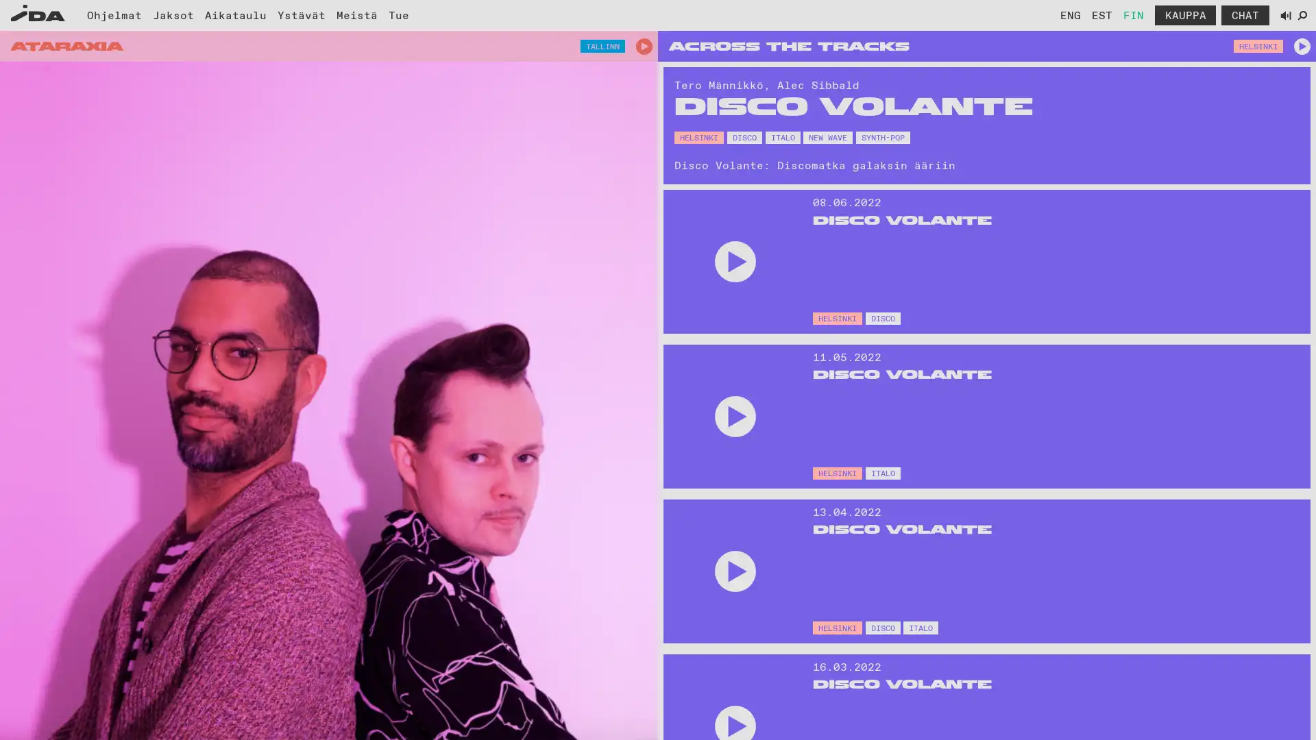  Describe the element at coordinates (1245, 15) in the screenshot. I see `Avaa chat` at that location.